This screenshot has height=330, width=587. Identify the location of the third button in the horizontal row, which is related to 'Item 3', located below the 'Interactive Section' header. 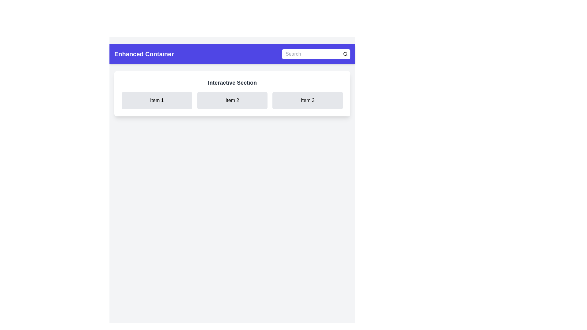
(308, 100).